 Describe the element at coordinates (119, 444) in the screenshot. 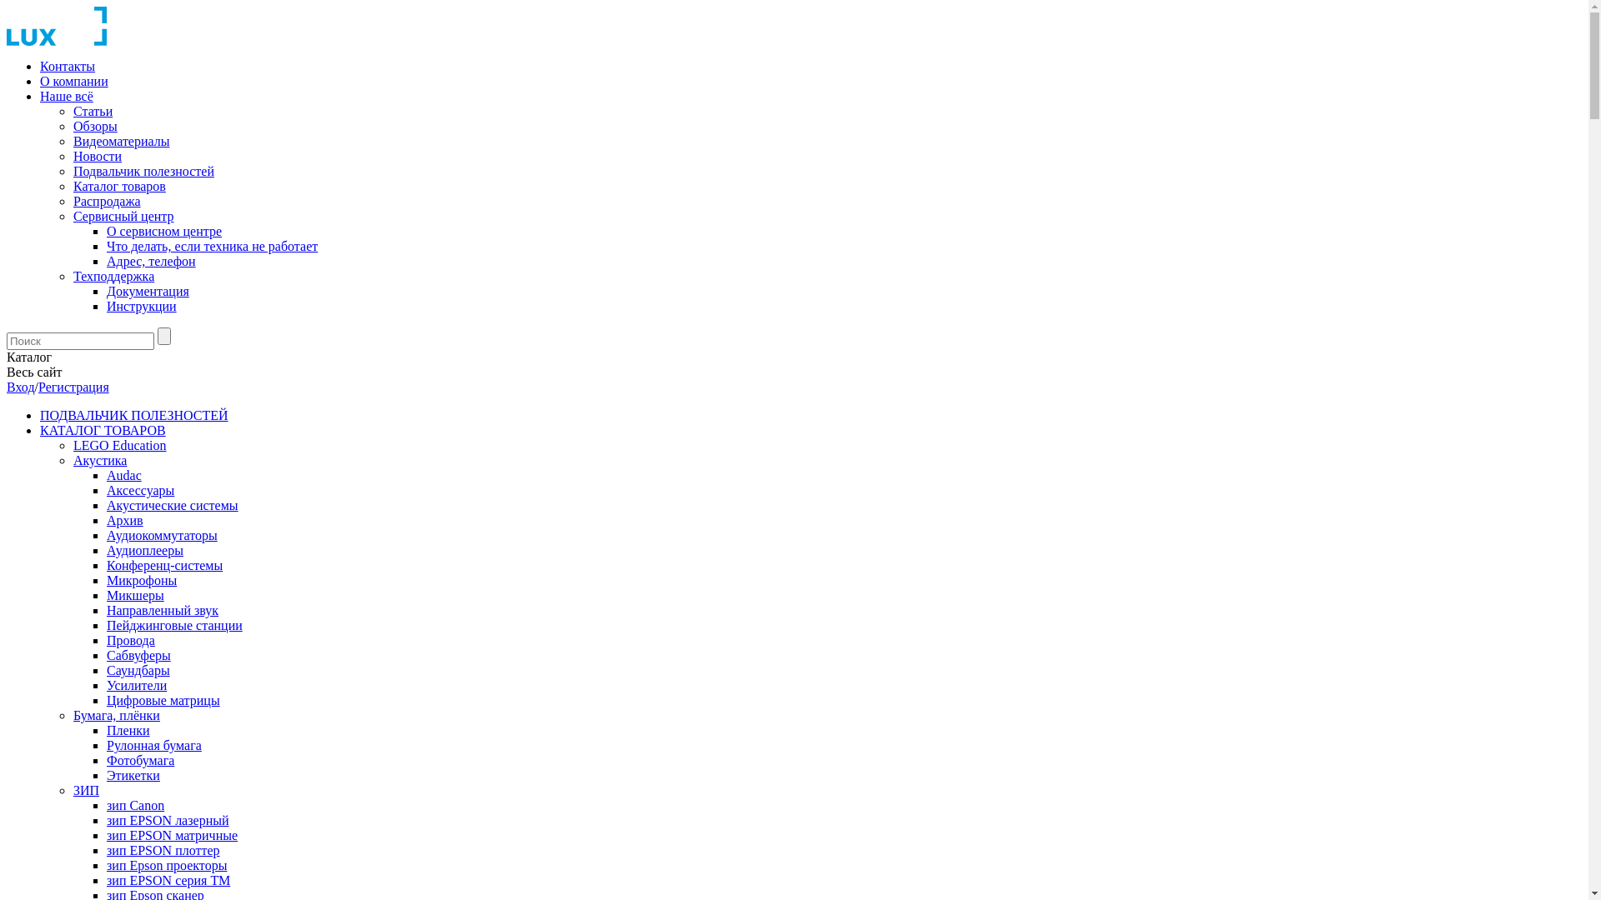

I see `'LEGO Education'` at that location.